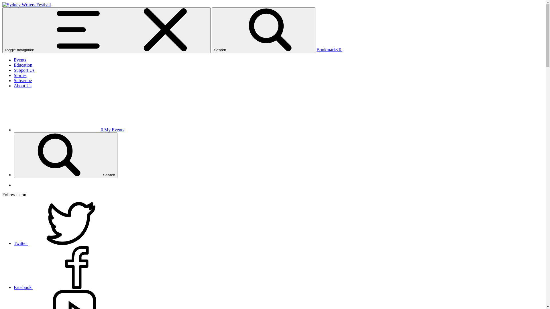 The width and height of the screenshot is (550, 309). Describe the element at coordinates (66, 155) in the screenshot. I see `'Search'` at that location.